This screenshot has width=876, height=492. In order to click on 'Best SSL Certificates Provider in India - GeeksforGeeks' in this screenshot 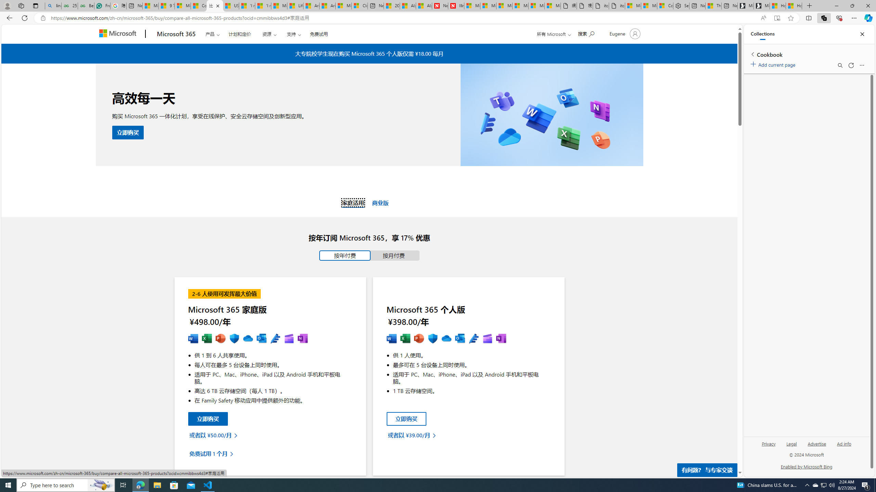, I will do `click(86, 5)`.